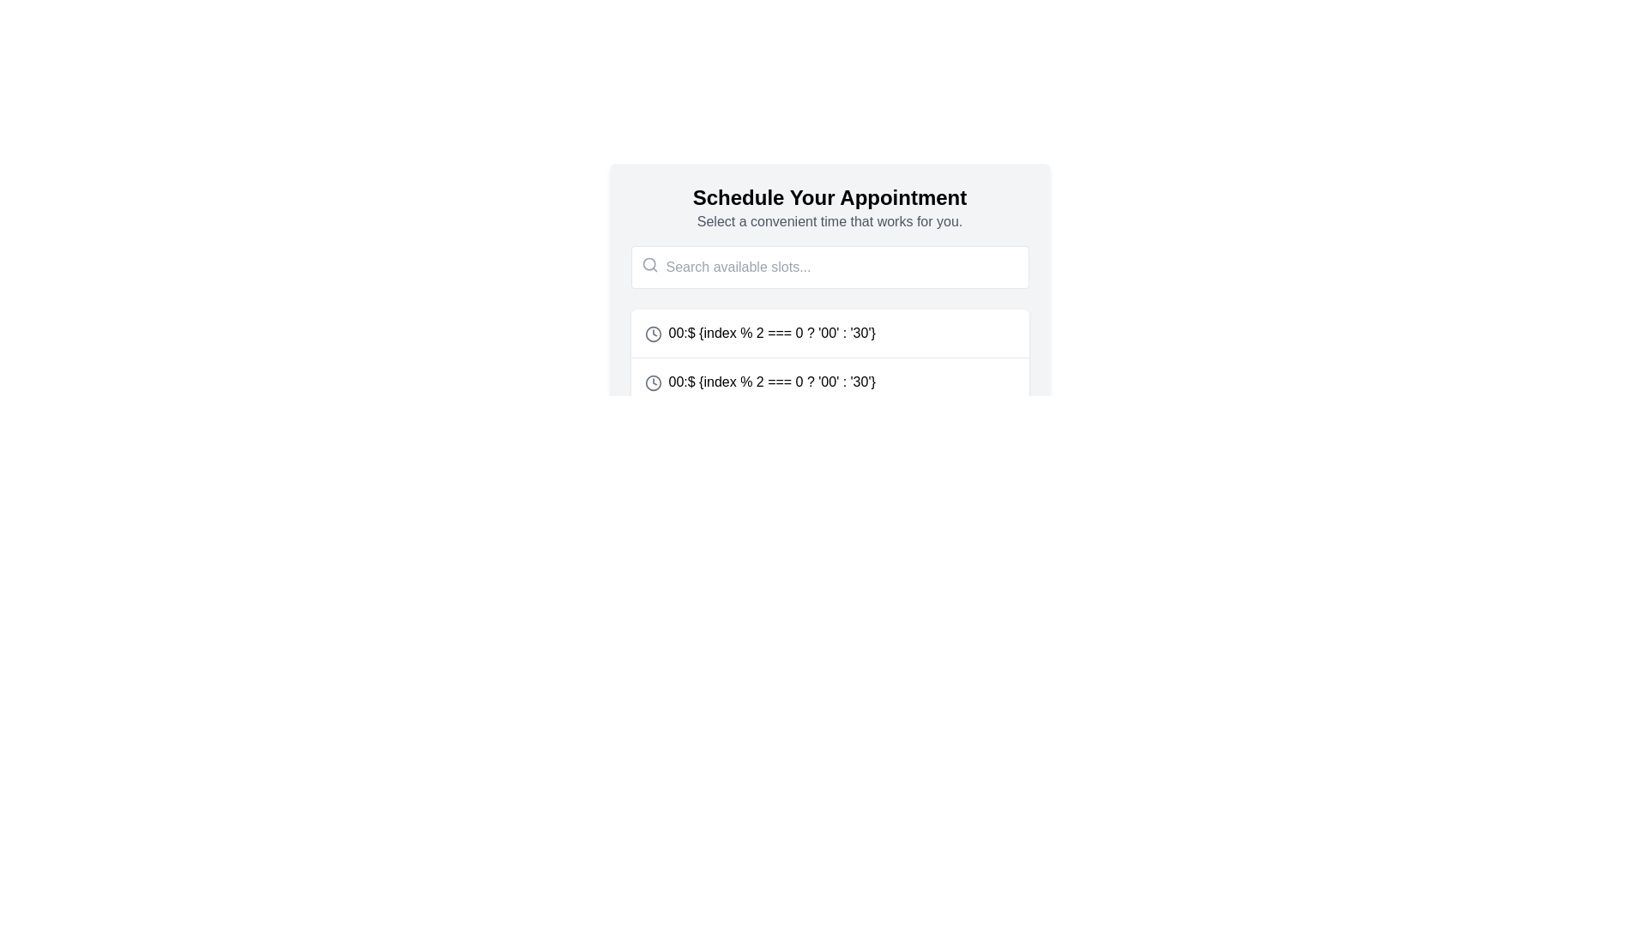  Describe the element at coordinates (648, 264) in the screenshot. I see `the small circular icon that is part of a search graphic element, located to the left of the text input field labeled 'Search available slots...'` at that location.